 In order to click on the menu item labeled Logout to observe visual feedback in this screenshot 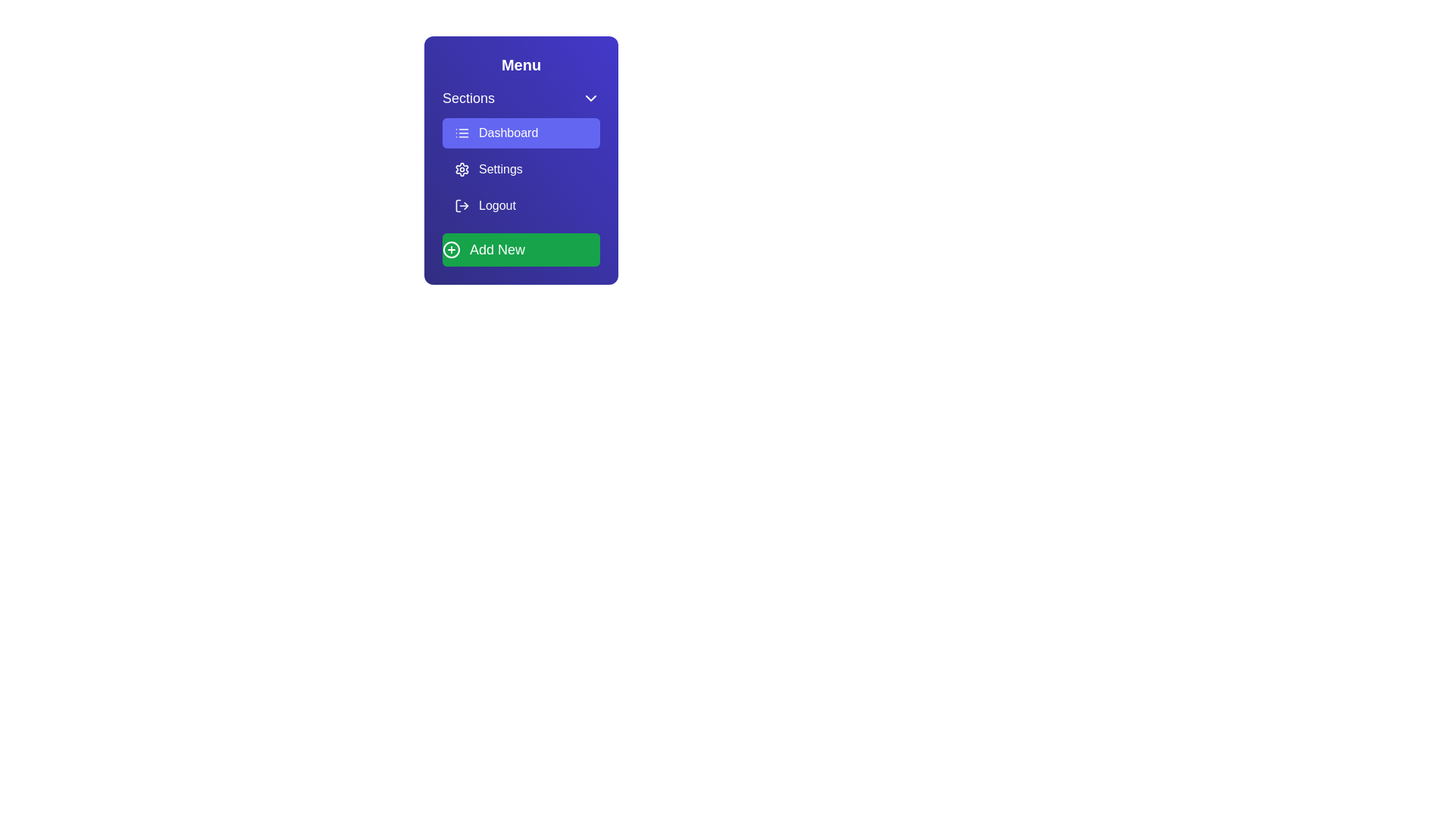, I will do `click(521, 206)`.